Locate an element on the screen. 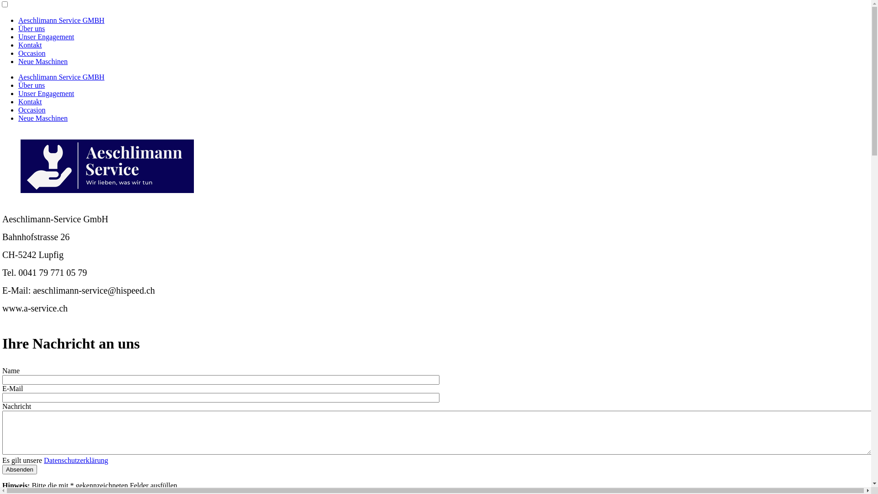 The image size is (878, 494). 'Unser Engagement' is located at coordinates (45, 36).